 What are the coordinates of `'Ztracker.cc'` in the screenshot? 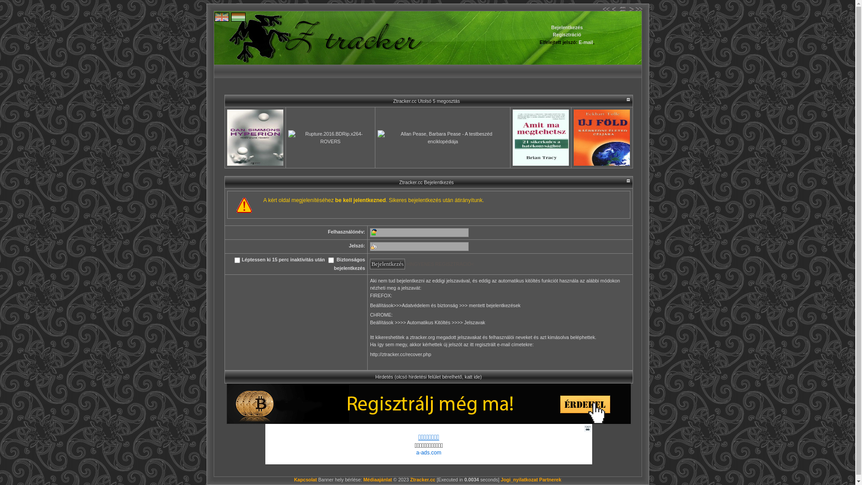 It's located at (409, 479).